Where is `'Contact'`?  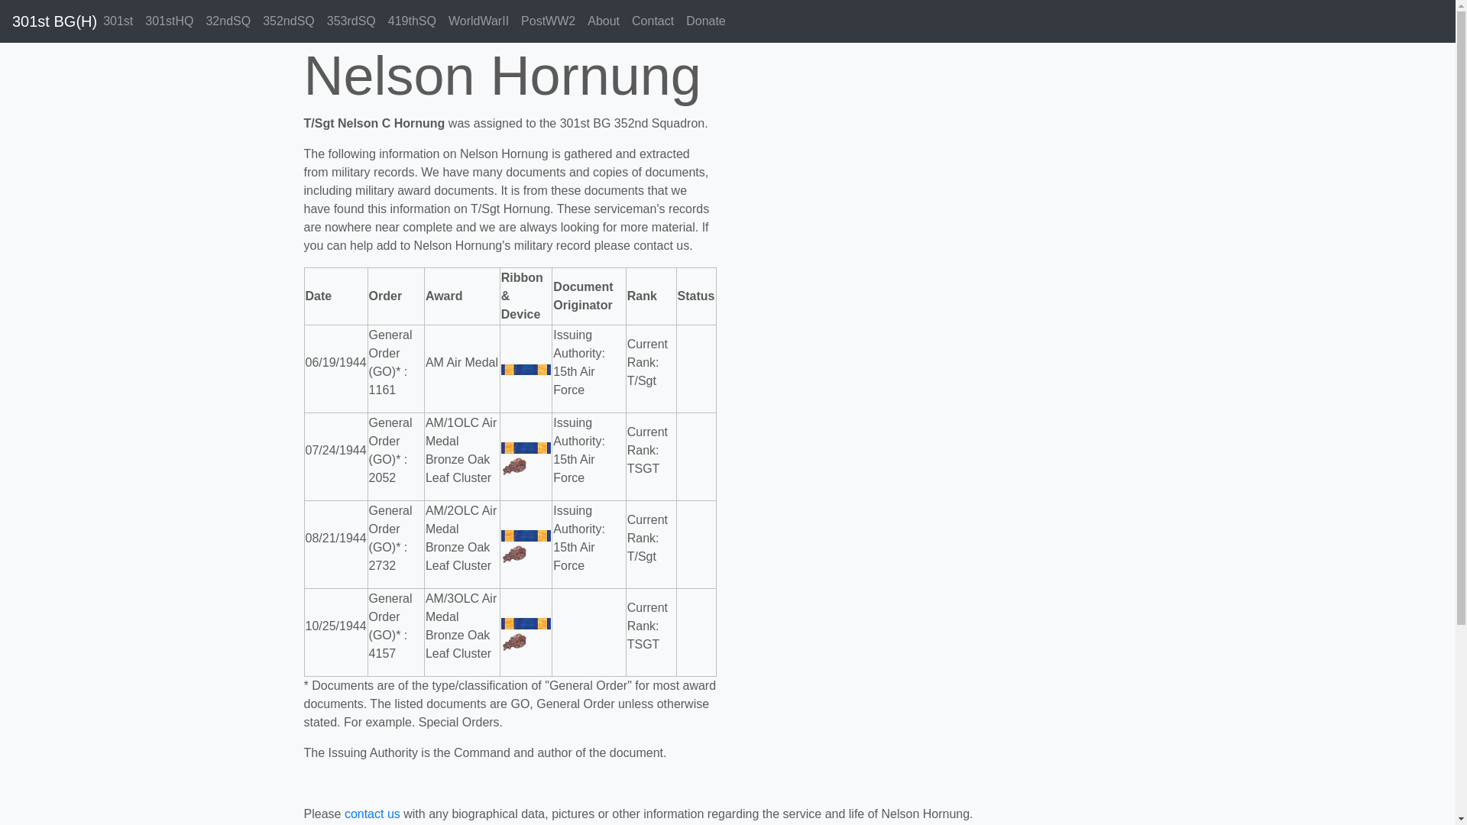 'Contact' is located at coordinates (653, 21).